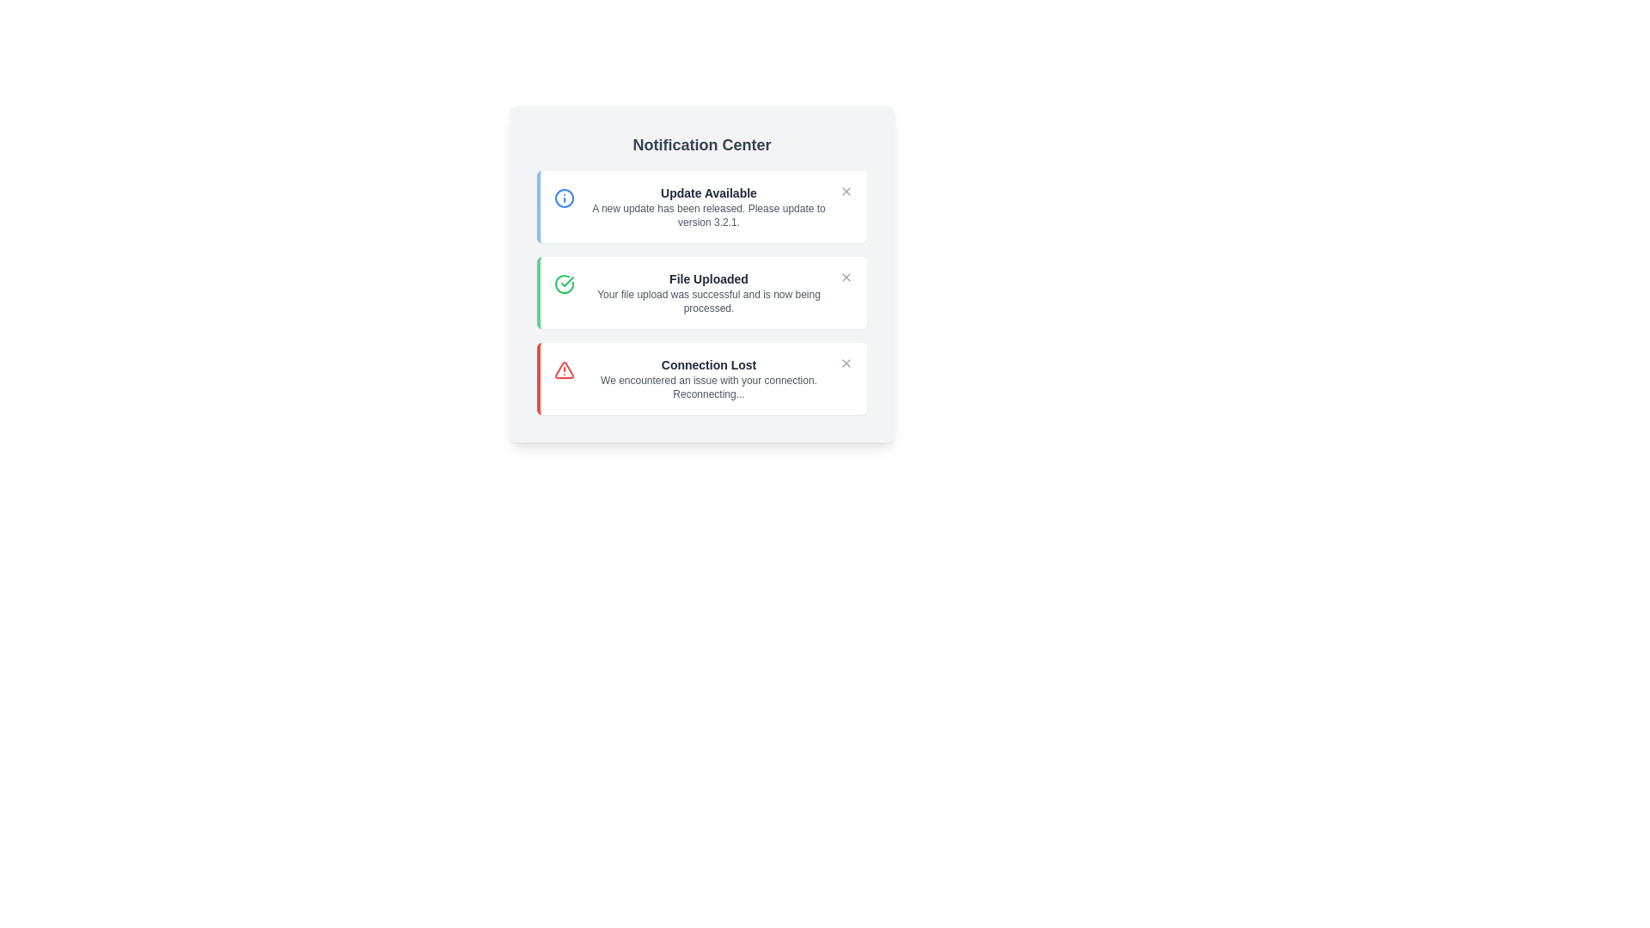 This screenshot has width=1650, height=928. I want to click on message displayed in the third notification entry of the notification center box, which notifies the user about a connection issue, so click(701, 377).